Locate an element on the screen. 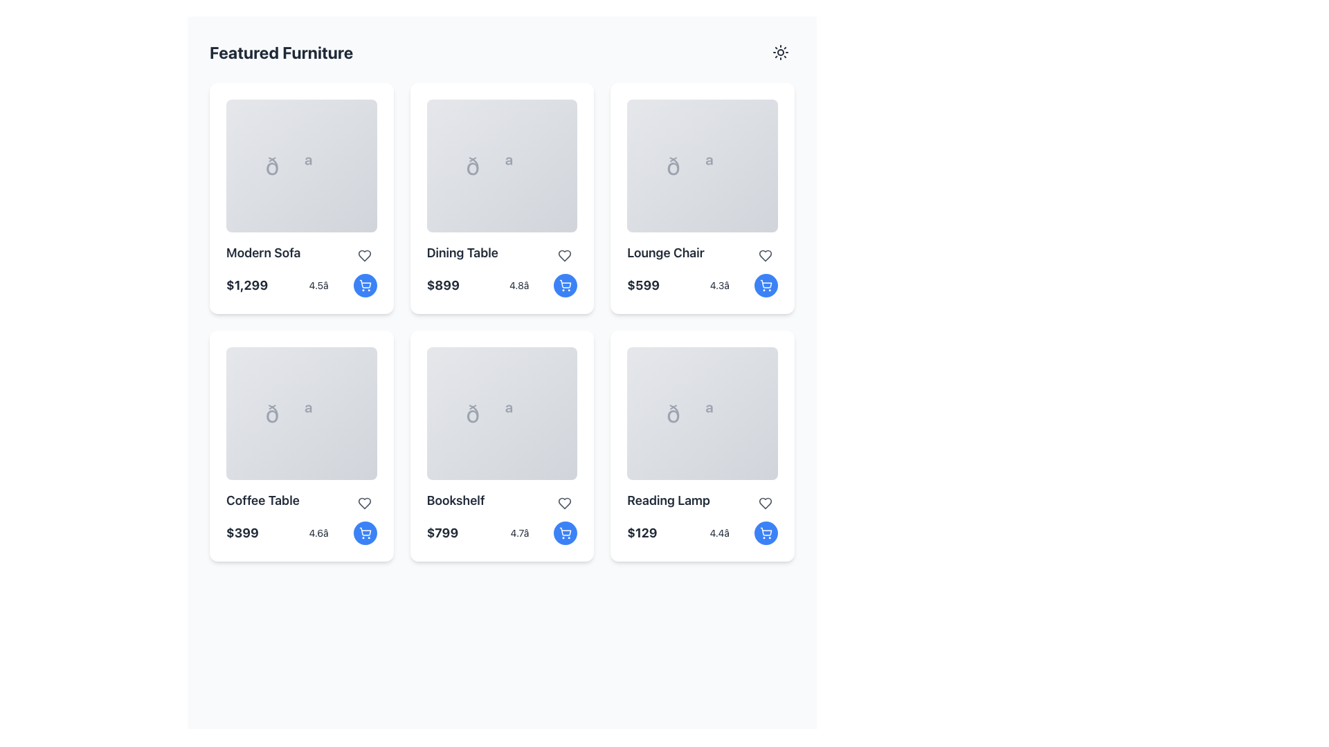 Image resolution: width=1329 pixels, height=747 pixels. the text 'Lounge Chair' and the heart icon in the third product card of the first row is located at coordinates (703, 256).